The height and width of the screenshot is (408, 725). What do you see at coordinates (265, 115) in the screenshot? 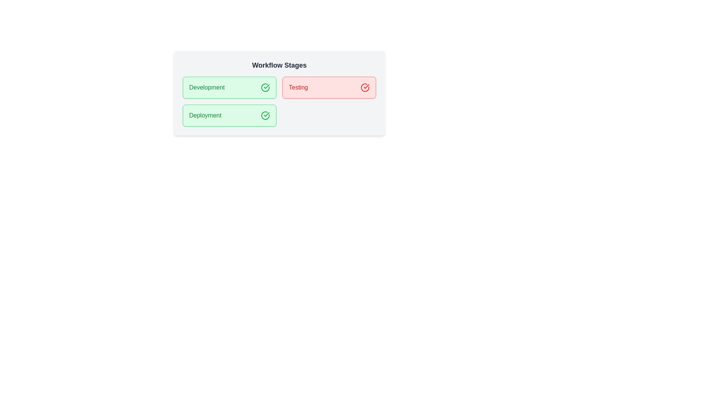
I see `the green circle icon with a checkmark inside, located at the rightmost position of the 'Deployment' button` at bounding box center [265, 115].